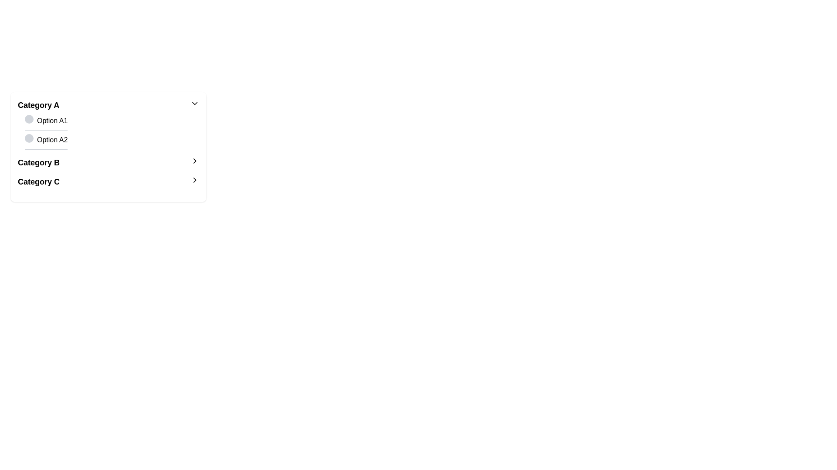  What do you see at coordinates (194, 103) in the screenshot?
I see `the chevron icon located on the rightmost edge of the 'Category A' section` at bounding box center [194, 103].